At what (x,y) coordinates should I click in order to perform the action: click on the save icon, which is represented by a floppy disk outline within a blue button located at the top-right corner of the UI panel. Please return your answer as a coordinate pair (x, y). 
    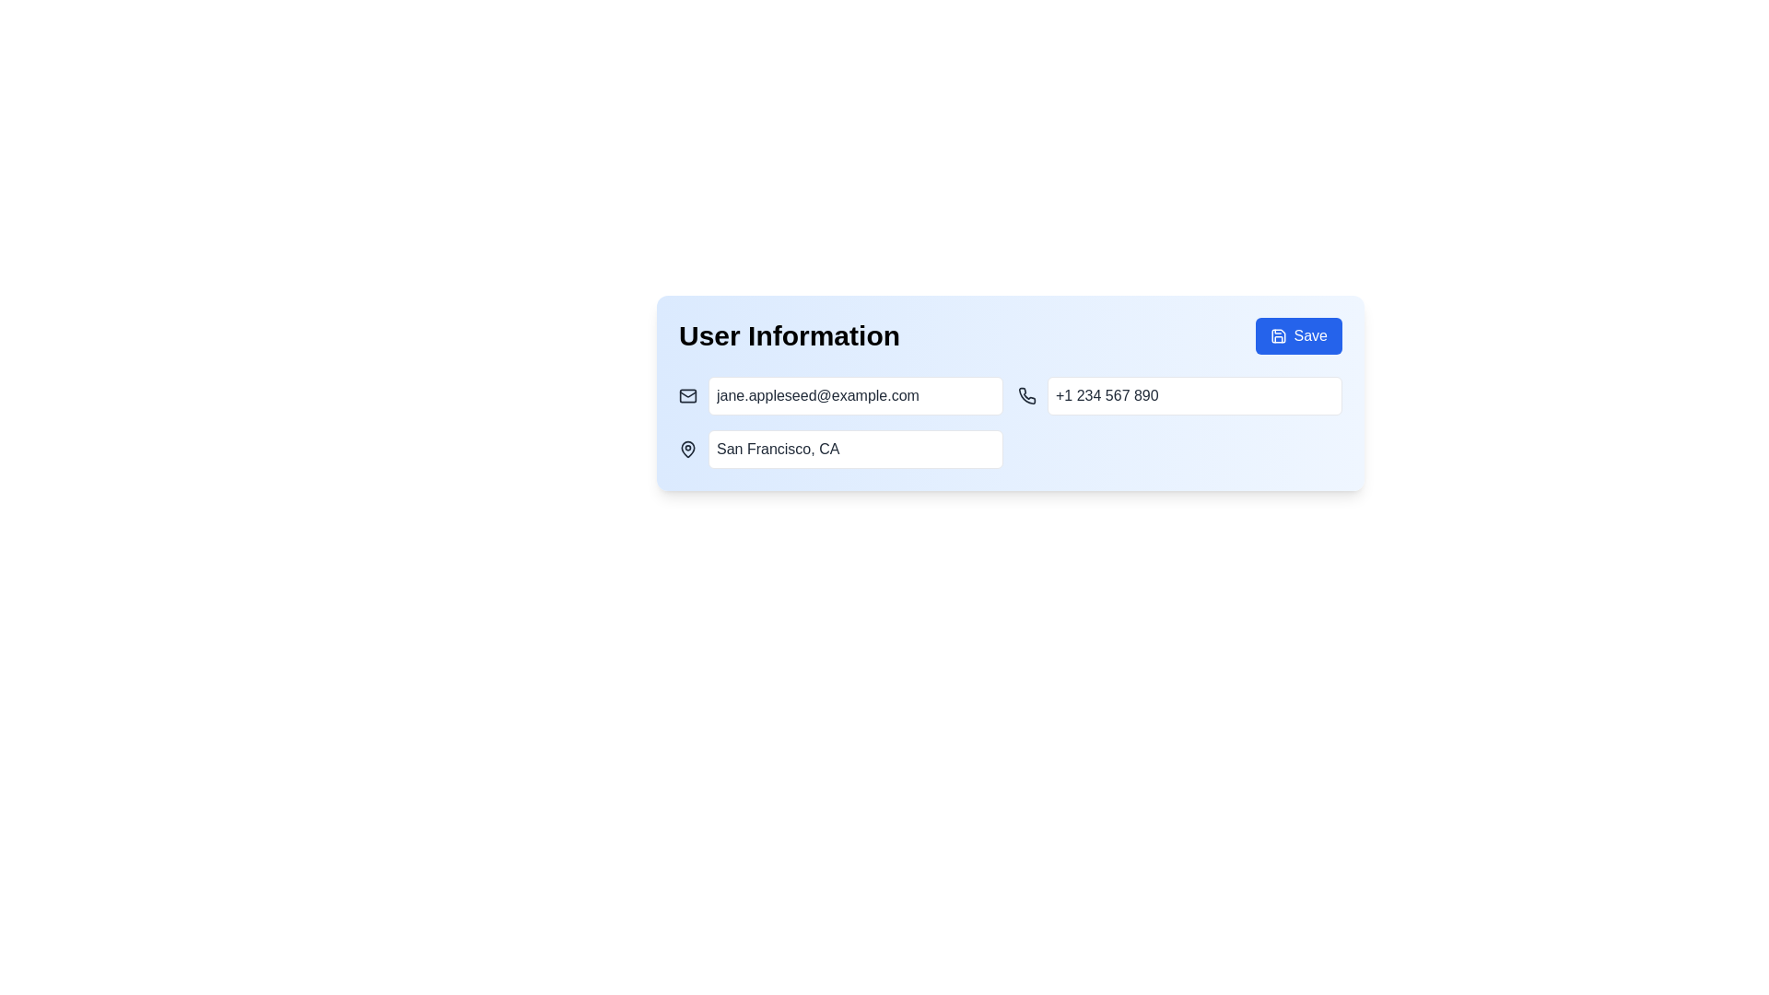
    Looking at the image, I should click on (1277, 336).